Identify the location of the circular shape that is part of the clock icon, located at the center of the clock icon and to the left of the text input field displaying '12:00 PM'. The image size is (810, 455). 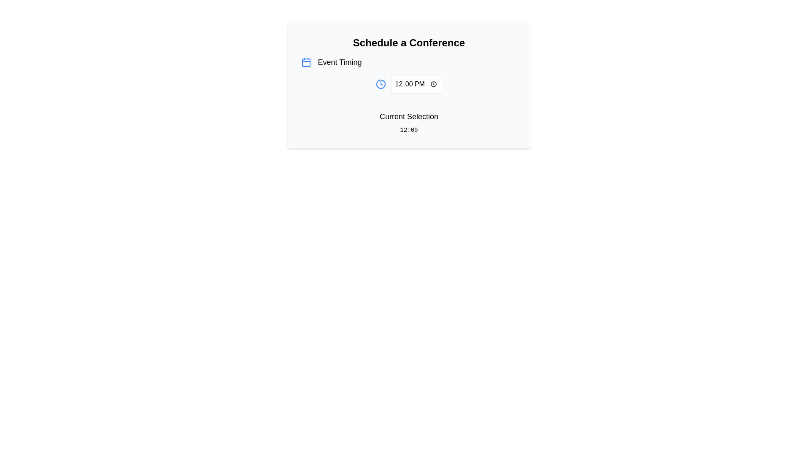
(380, 84).